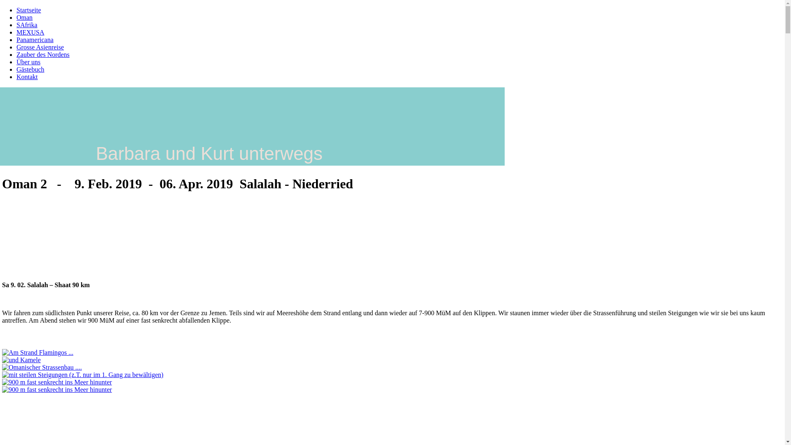 Image resolution: width=791 pixels, height=445 pixels. I want to click on 'Zauber des Nordens', so click(42, 54).